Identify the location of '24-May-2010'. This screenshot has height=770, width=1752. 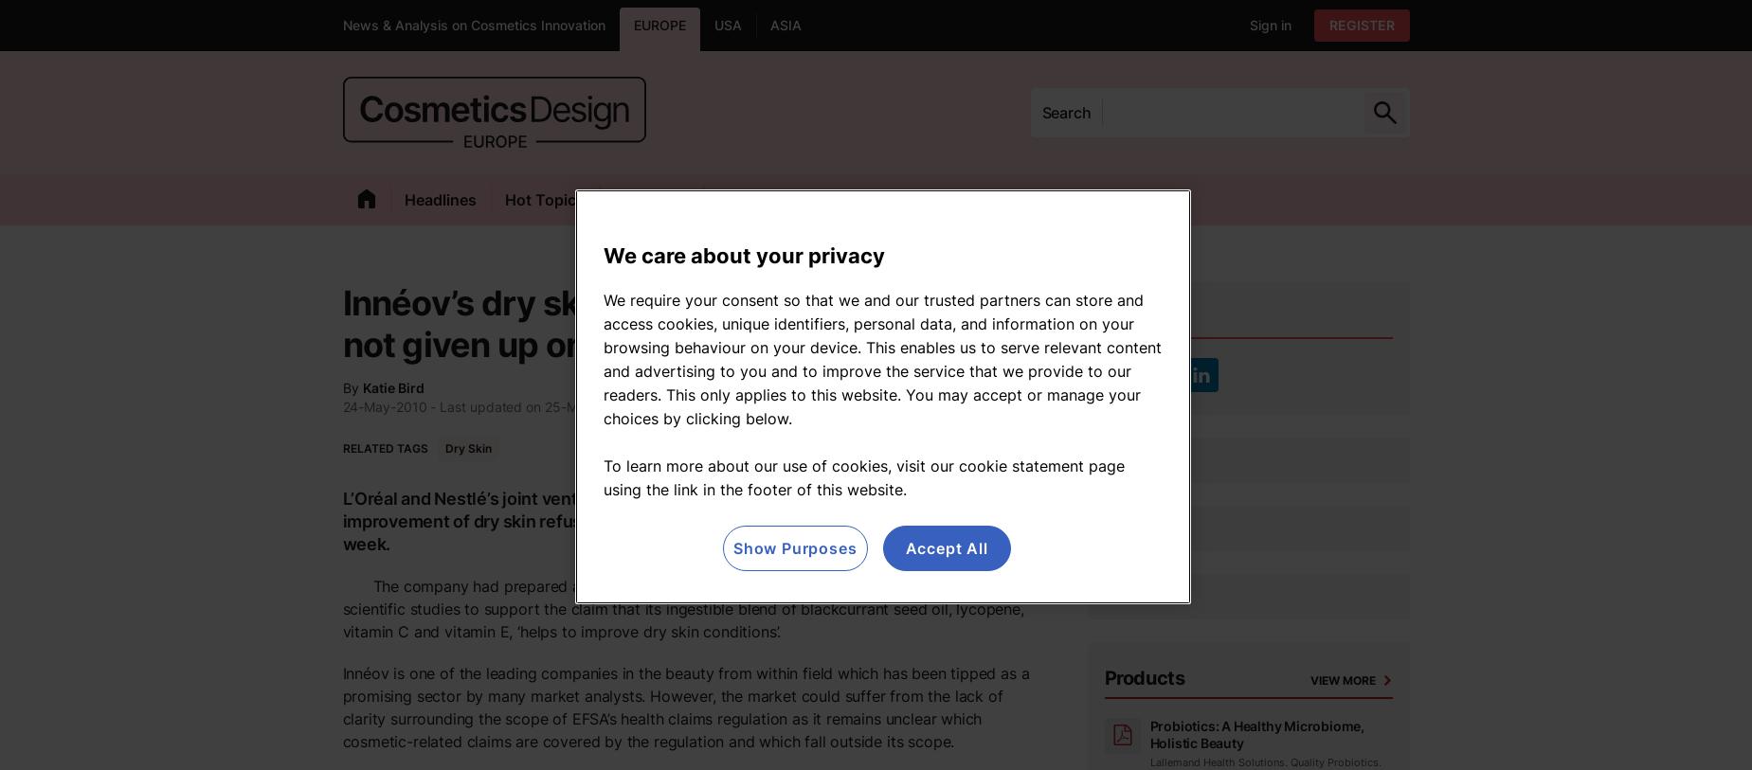
(340, 406).